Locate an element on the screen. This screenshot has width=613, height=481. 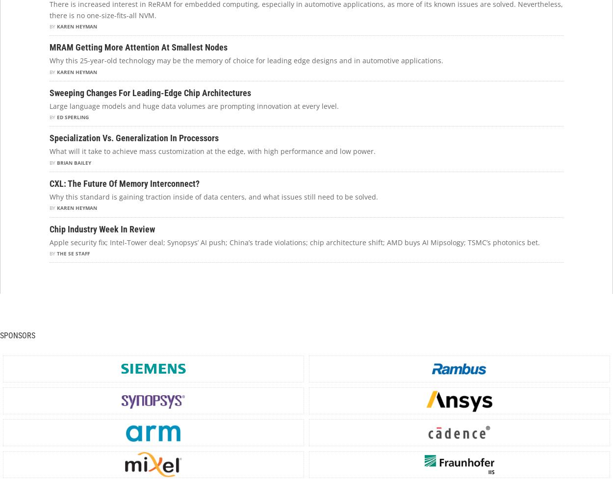
'Ed Sperling' is located at coordinates (73, 116).